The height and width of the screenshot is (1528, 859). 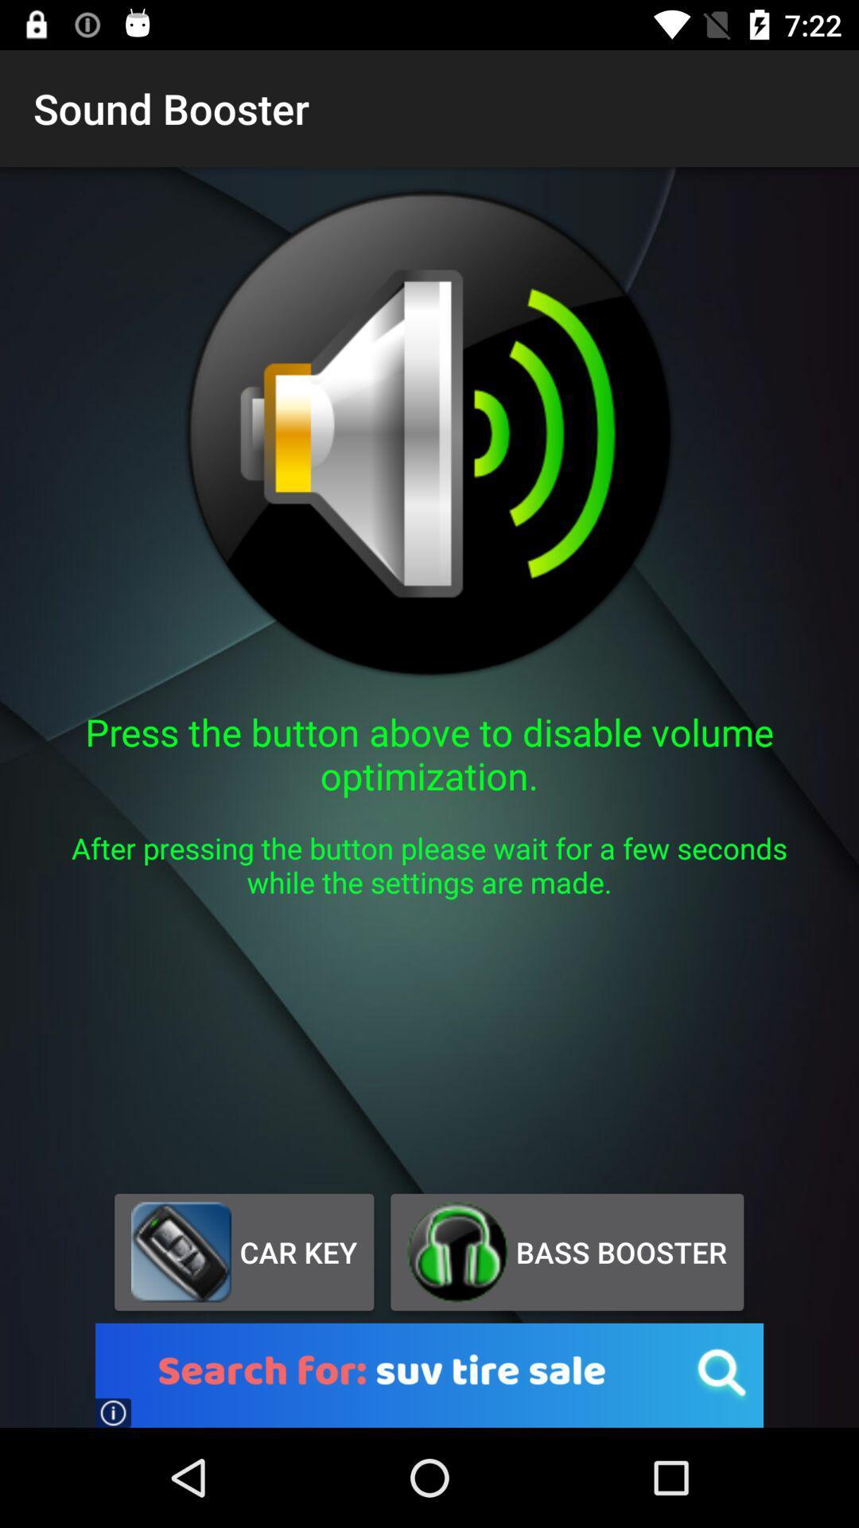 What do you see at coordinates (244, 1251) in the screenshot?
I see `the car key icon` at bounding box center [244, 1251].